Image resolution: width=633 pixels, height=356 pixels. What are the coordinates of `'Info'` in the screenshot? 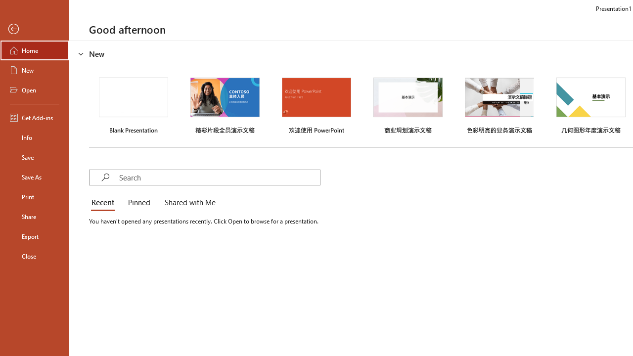 It's located at (34, 137).